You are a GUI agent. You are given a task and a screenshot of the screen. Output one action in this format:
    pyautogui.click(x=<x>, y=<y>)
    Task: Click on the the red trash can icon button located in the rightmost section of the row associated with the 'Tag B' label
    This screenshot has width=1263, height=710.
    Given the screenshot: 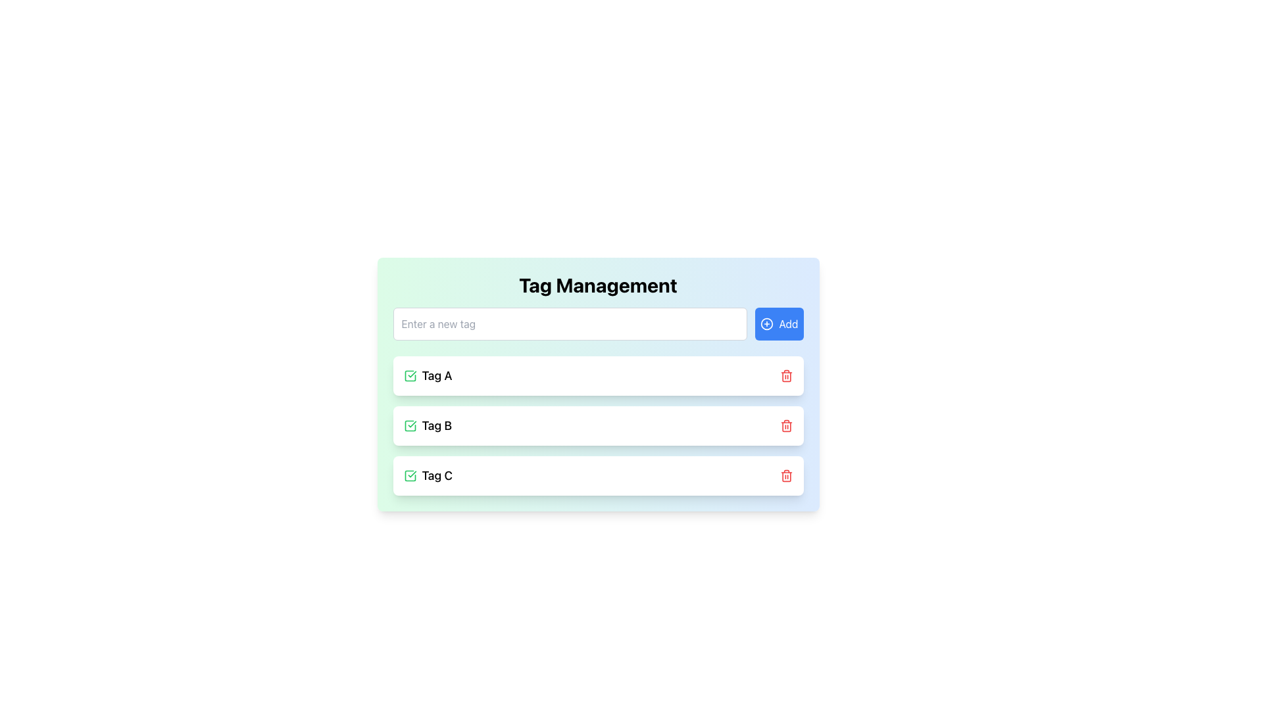 What is the action you would take?
    pyautogui.click(x=786, y=426)
    